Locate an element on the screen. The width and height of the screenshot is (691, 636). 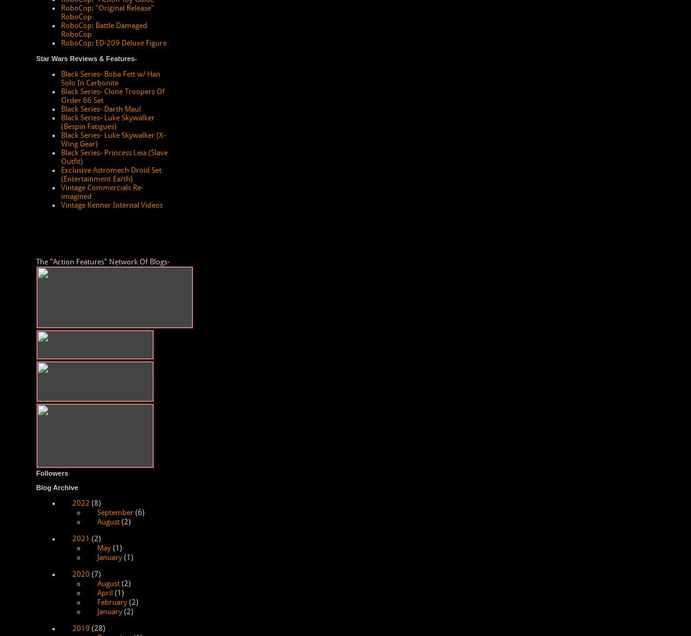
'Star Wars Reviews & Features-' is located at coordinates (35, 58).